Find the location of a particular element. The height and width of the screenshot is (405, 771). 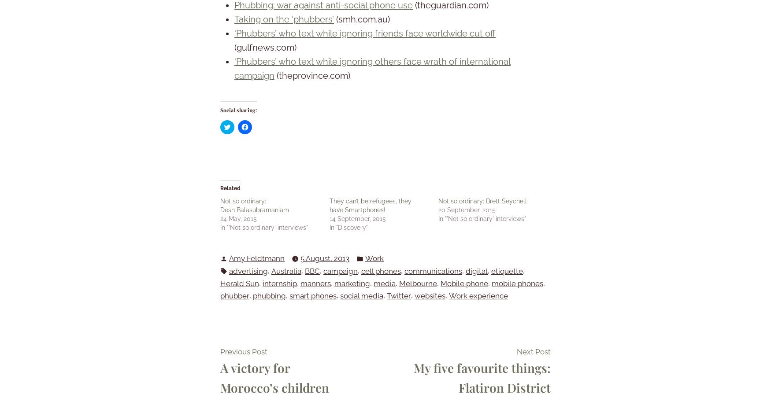

'Related' is located at coordinates (230, 187).